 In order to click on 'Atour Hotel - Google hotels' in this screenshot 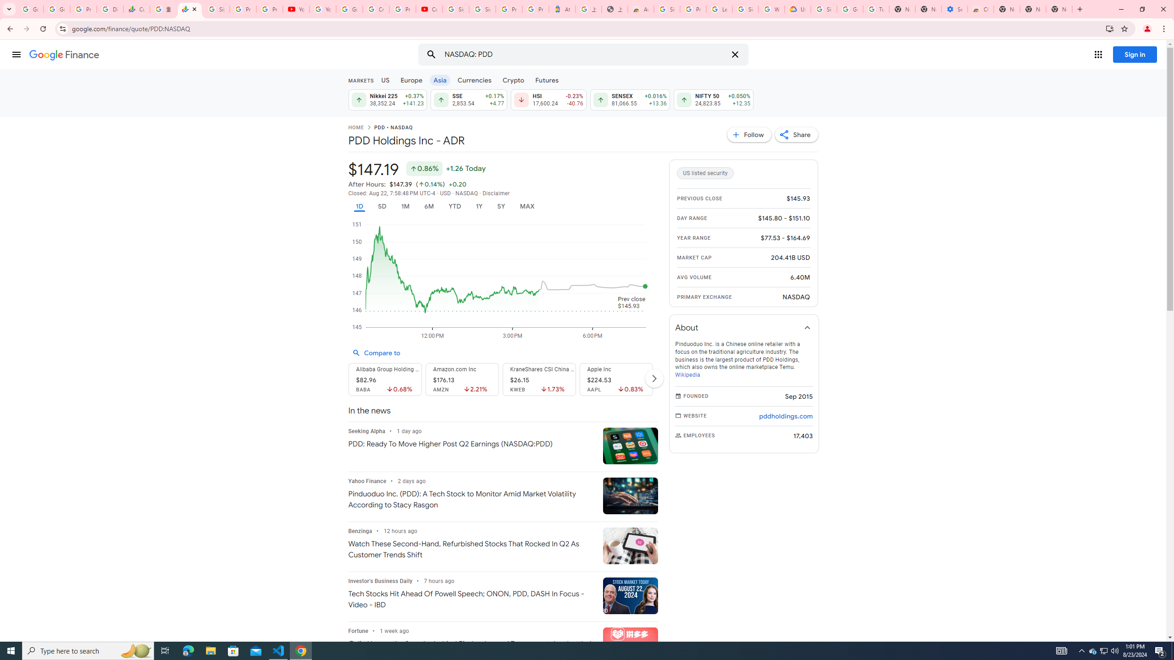, I will do `click(562, 9)`.